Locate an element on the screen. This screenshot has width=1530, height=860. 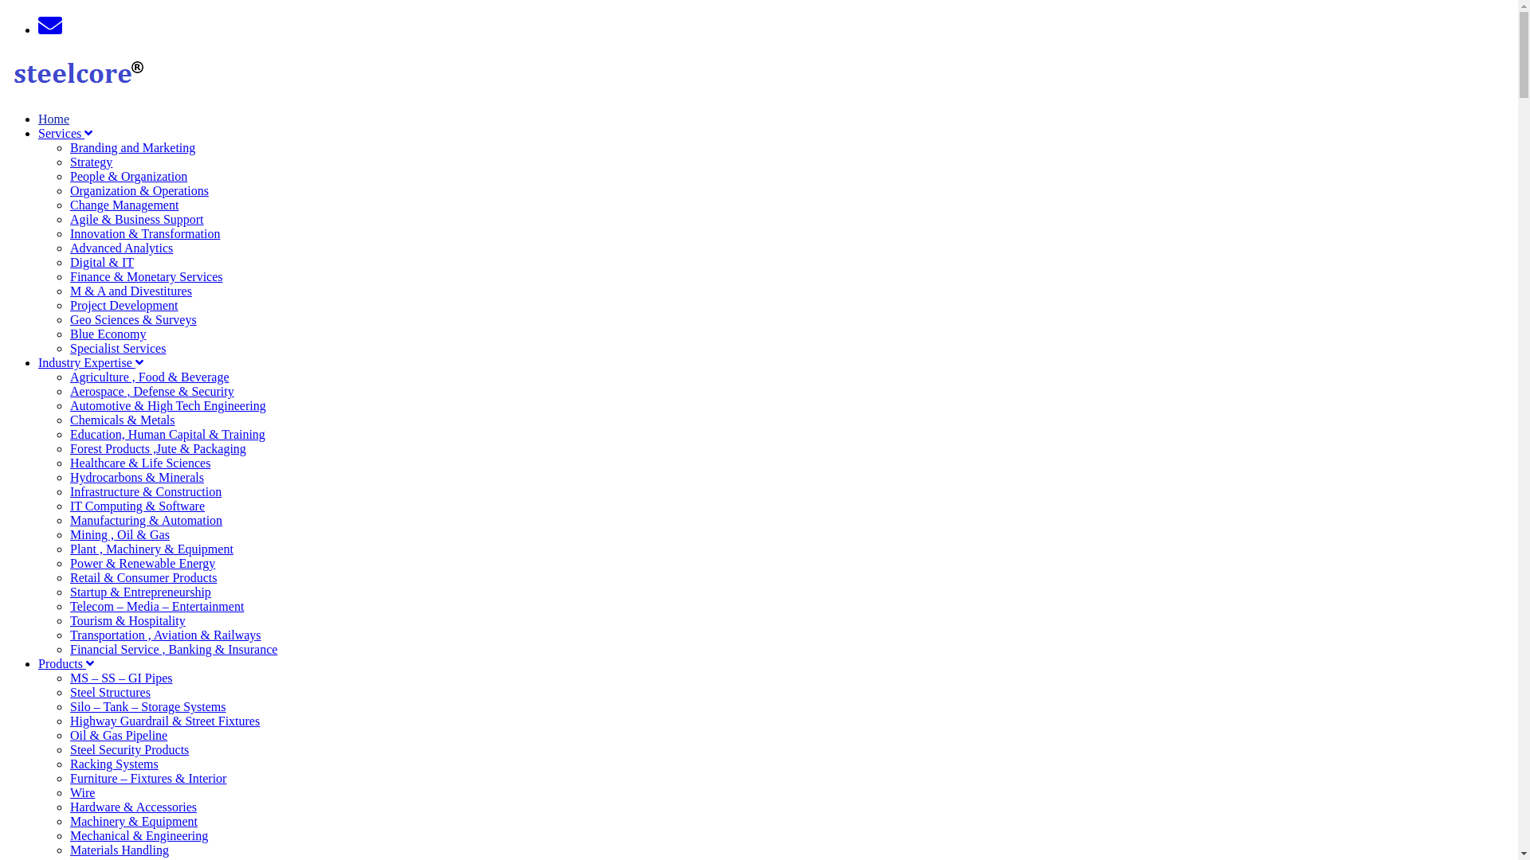
'Hardware & Accessories' is located at coordinates (133, 807).